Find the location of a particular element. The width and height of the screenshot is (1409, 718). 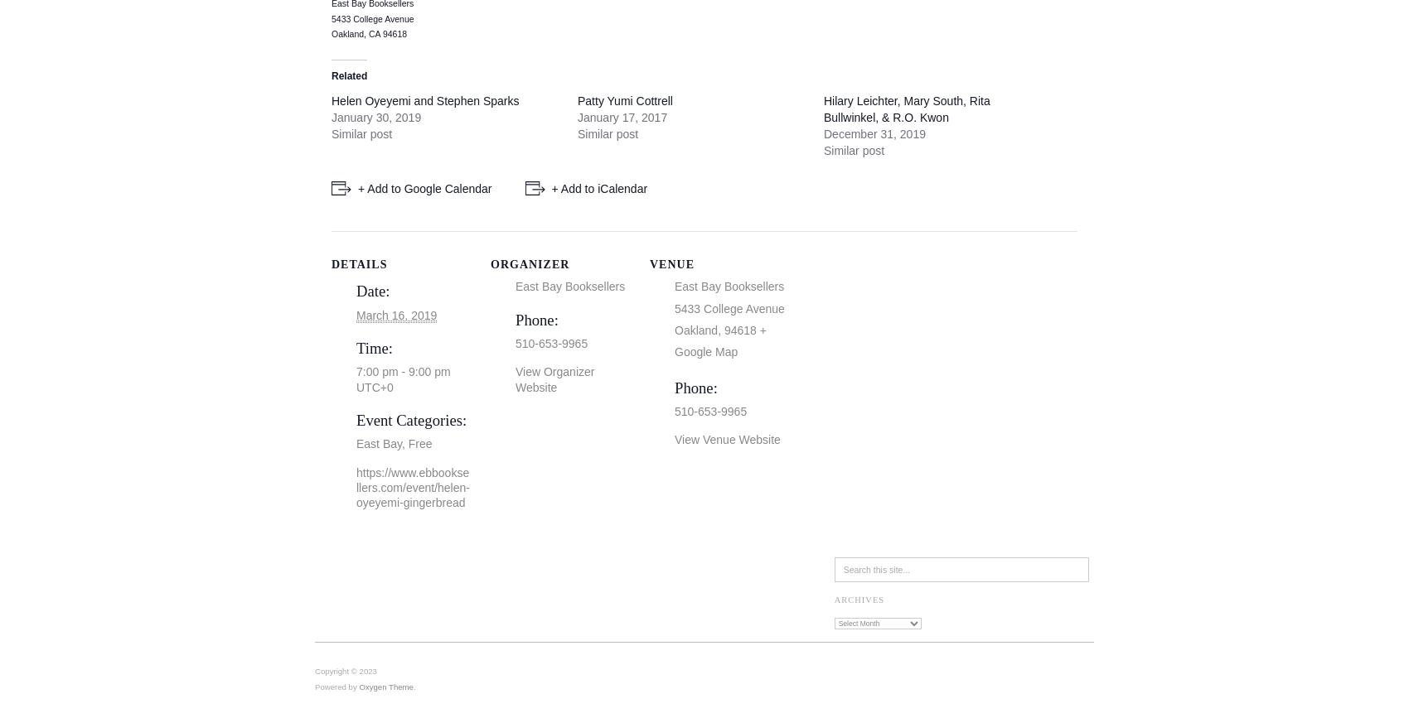

'Free' is located at coordinates (419, 442).